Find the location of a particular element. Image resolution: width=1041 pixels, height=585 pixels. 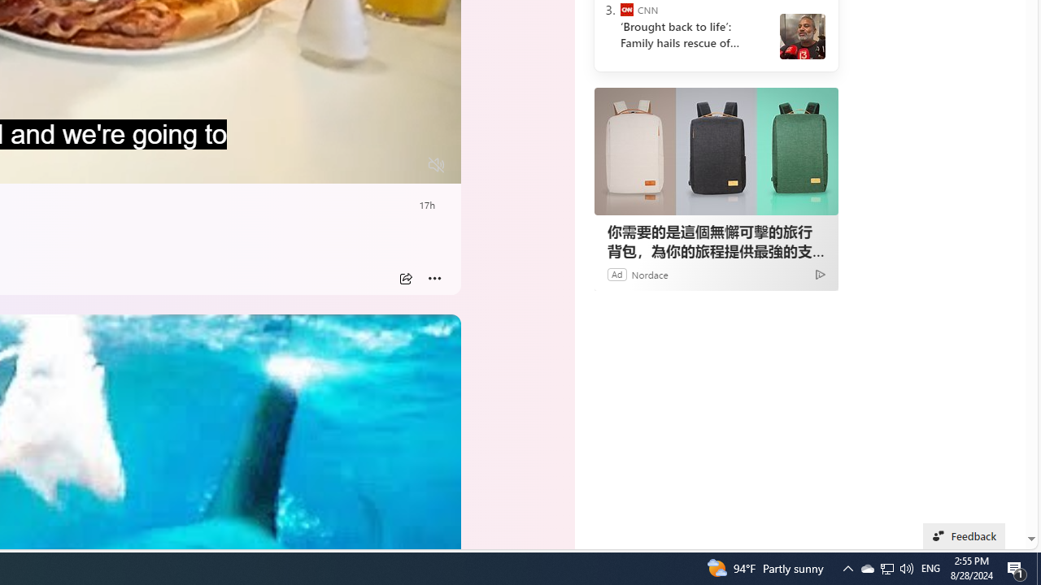

'Share' is located at coordinates (405, 278).